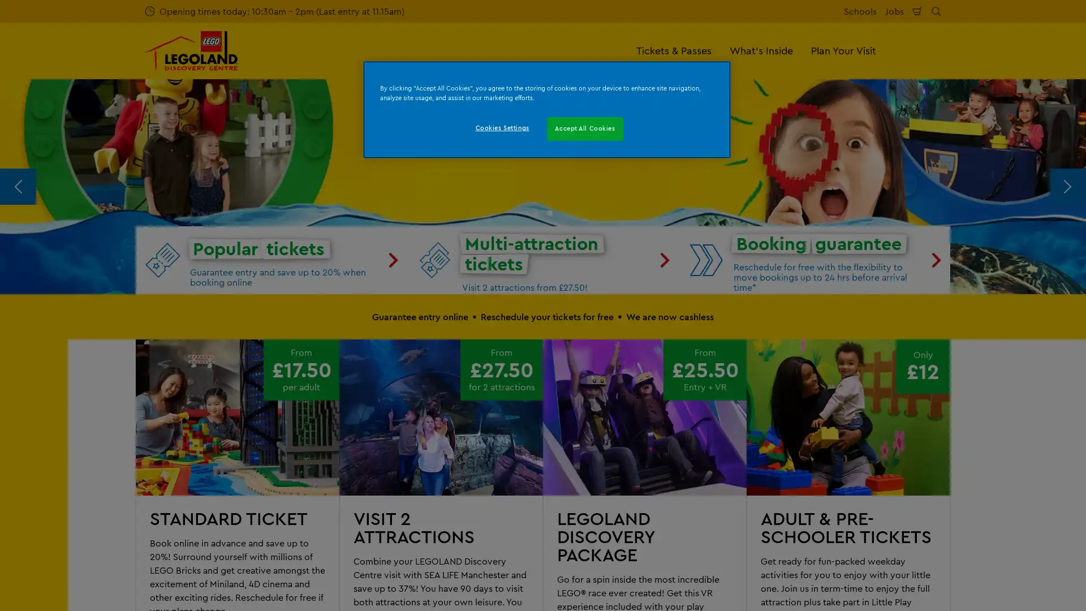 This screenshot has height=611, width=1086. What do you see at coordinates (674, 50) in the screenshot?
I see `Tickets & Passes` at bounding box center [674, 50].